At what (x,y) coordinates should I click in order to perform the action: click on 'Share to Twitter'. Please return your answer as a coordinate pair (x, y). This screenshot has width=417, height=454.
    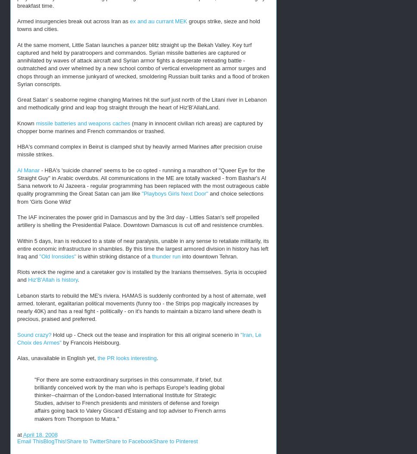
    Looking at the image, I should click on (66, 441).